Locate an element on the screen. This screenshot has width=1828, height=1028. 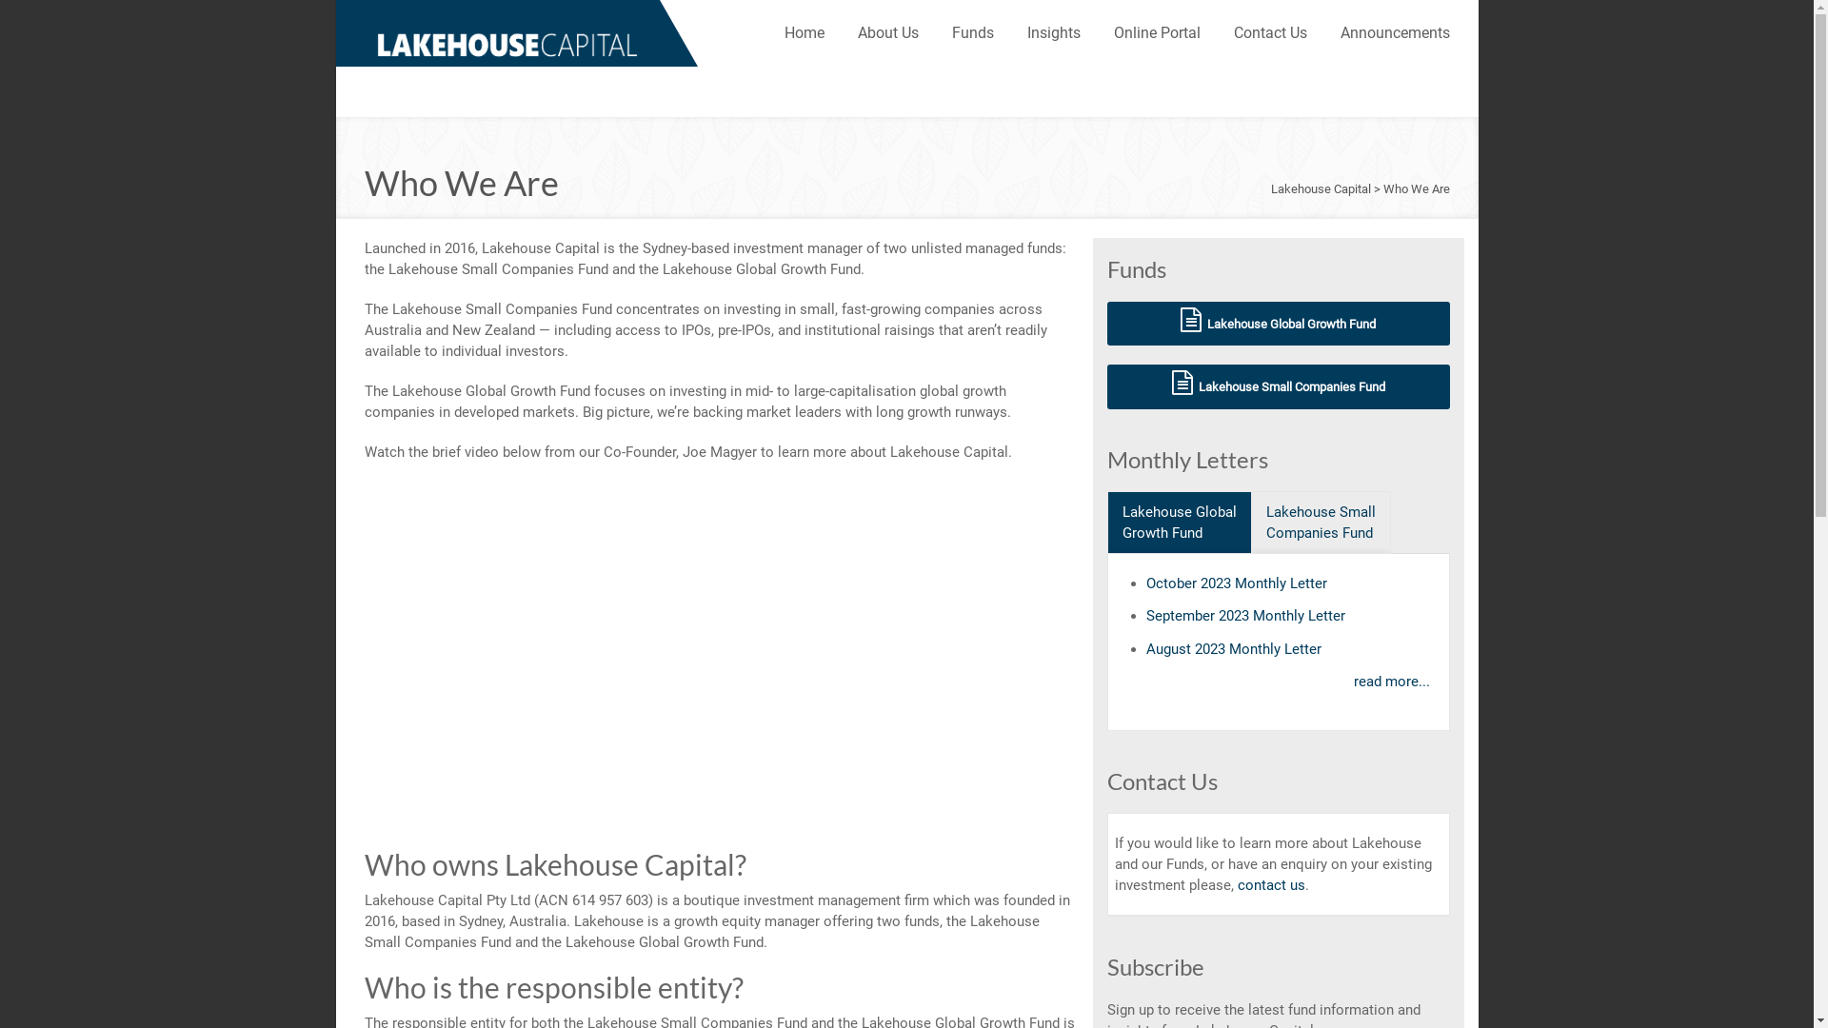
'Lakehouse Global is located at coordinates (1178, 522).